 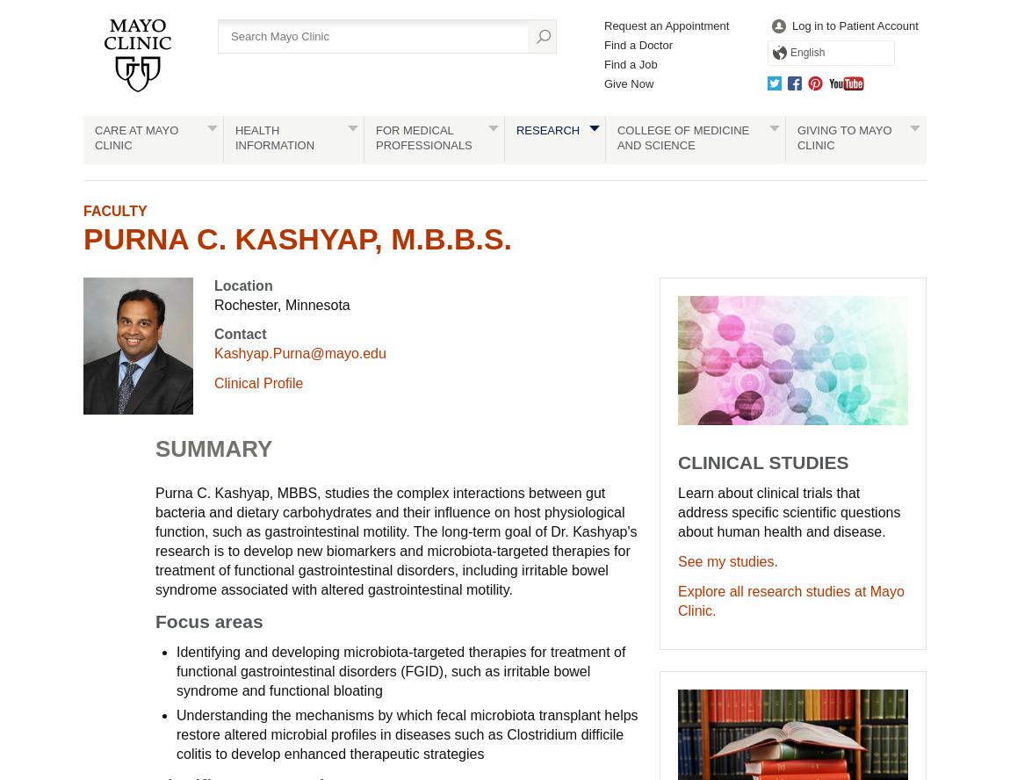 I want to click on 'Purna C. Kashyap, M.B.B.S.', so click(x=298, y=238).